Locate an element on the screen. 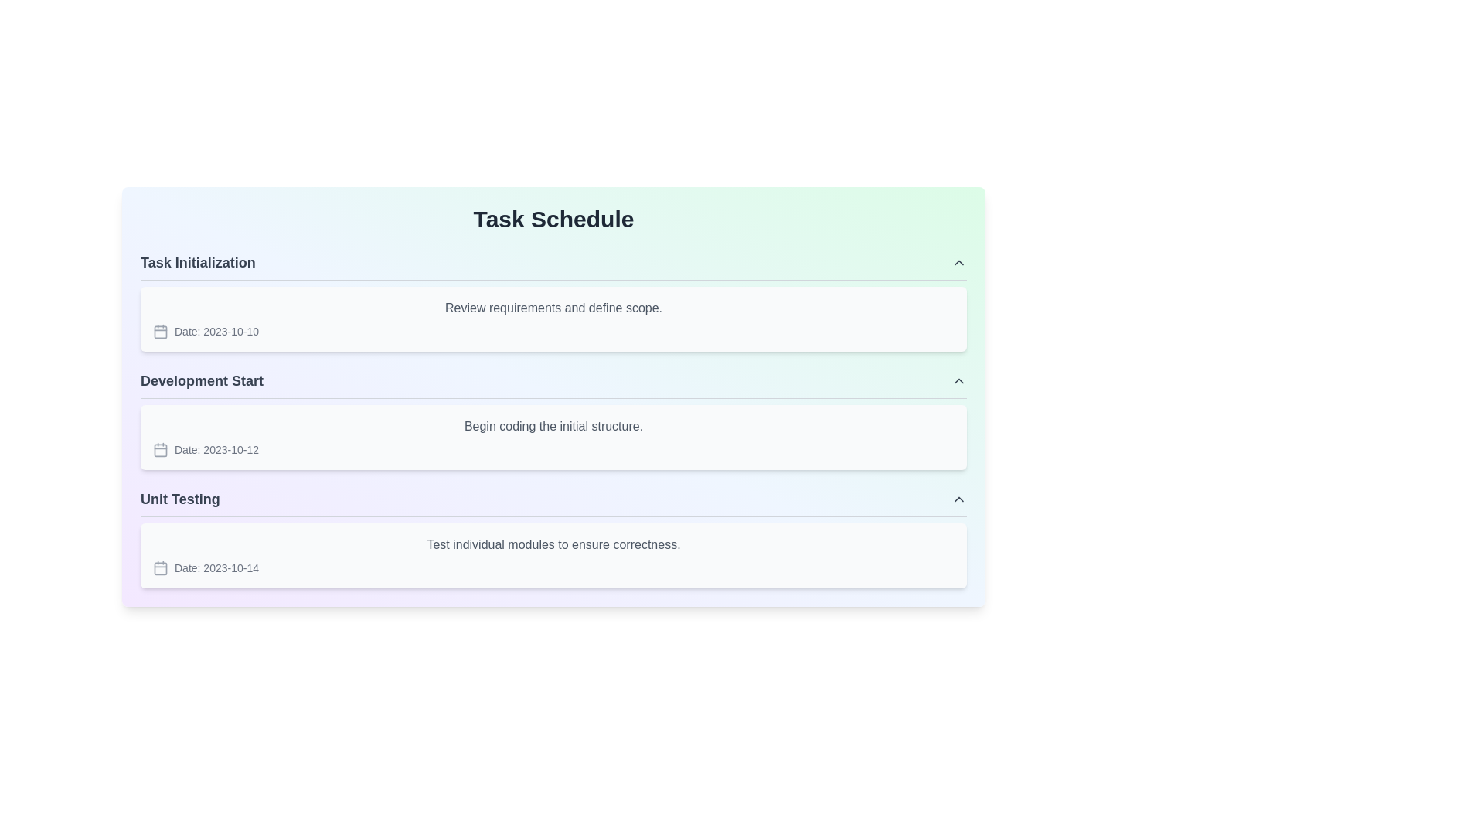 This screenshot has height=835, width=1484. displayed date from the labeled date display associated with the 'Unit Testing' task, located on the left side following the task description is located at coordinates (553, 568).